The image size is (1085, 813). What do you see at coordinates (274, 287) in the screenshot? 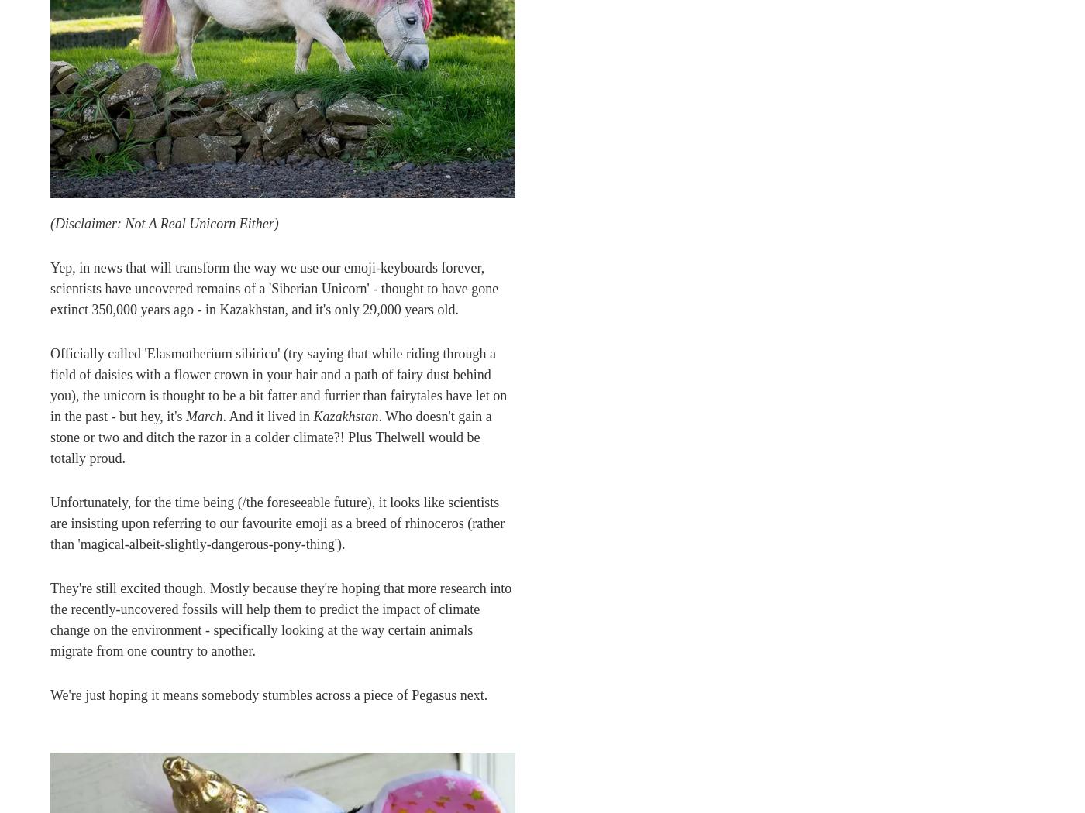
I see `'Yep, in news that will transform the way we use our emoji-keyboards forever, scientists have uncovered remains of a 'Siberian Unicorn' - thought to have gone extinct 350,000 years ago - in Kazakhstan, and it's only 29,000 years old.'` at bounding box center [274, 287].